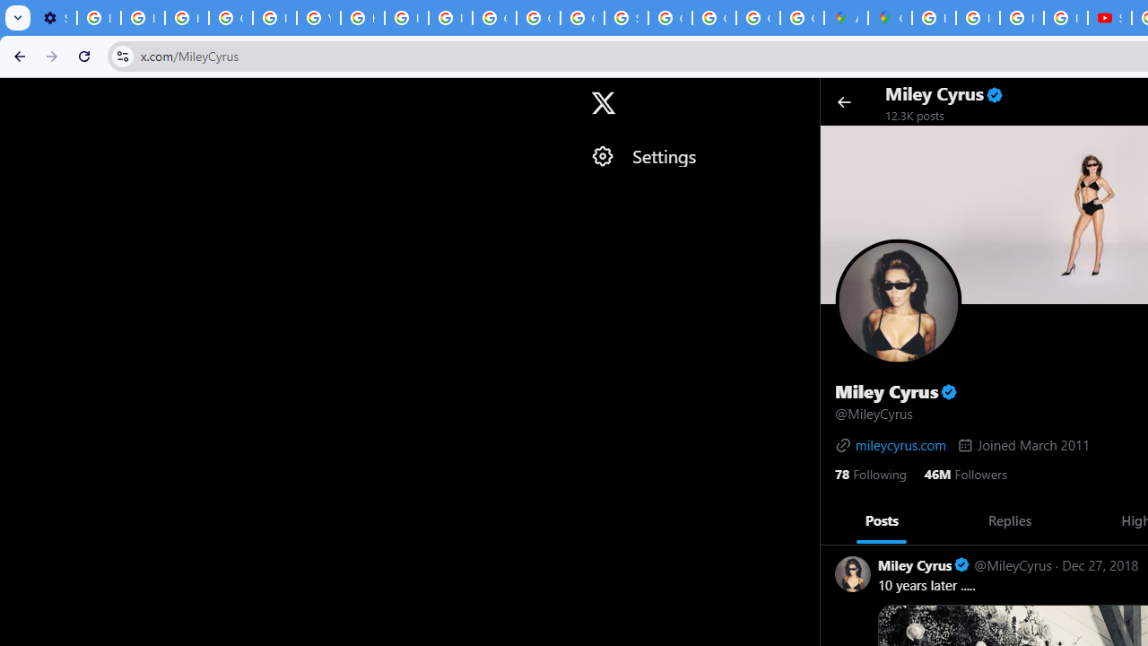 This screenshot has height=646, width=1148. I want to click on 'Opens profile photo', so click(898, 301).